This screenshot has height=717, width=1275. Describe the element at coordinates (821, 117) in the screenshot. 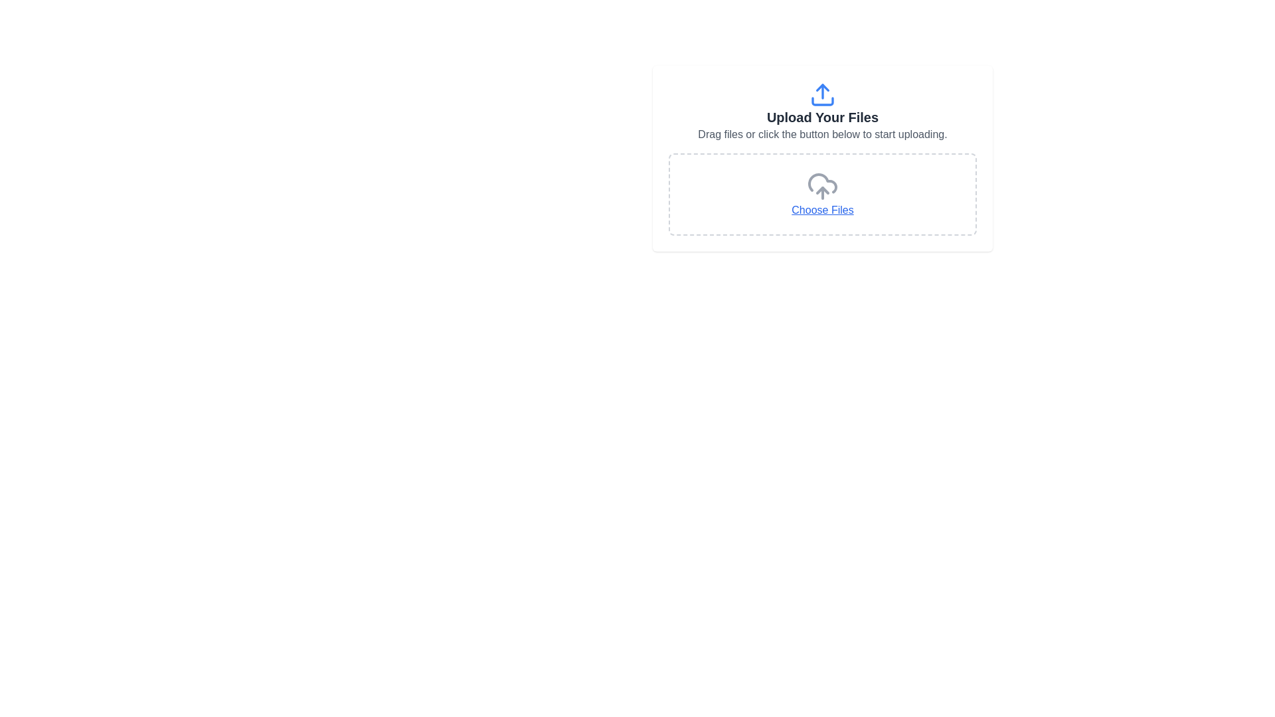

I see `bold textual header labeled 'Upload Your Files' to understand the purpose of the file upload section` at that location.